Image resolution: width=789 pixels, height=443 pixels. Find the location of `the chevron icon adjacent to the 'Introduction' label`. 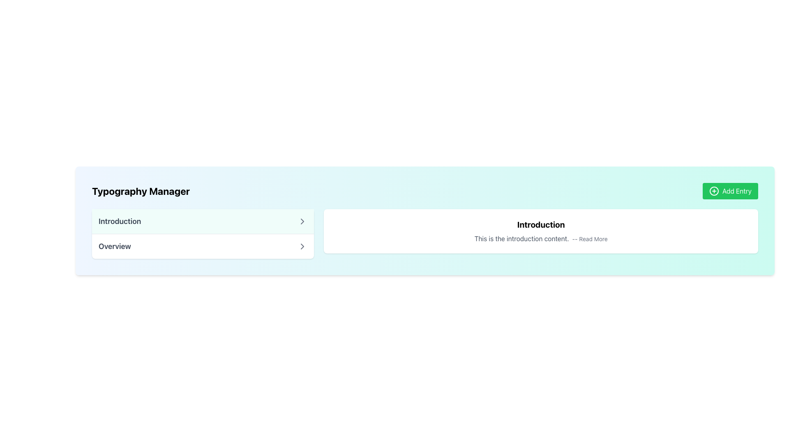

the chevron icon adjacent to the 'Introduction' label is located at coordinates (302, 221).